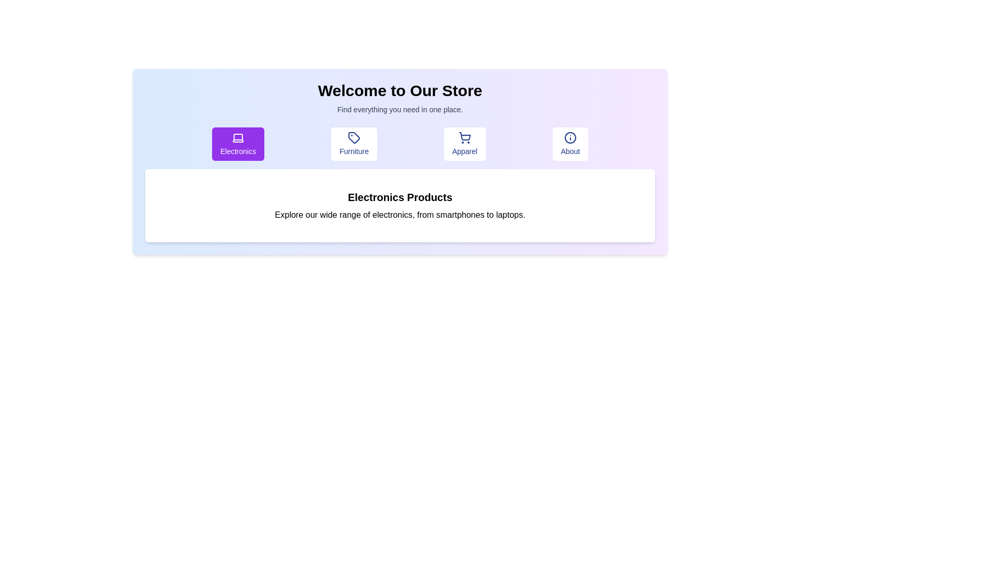 Image resolution: width=1003 pixels, height=564 pixels. I want to click on the navigational button for the furniture section located under 'Welcome to Our Store', positioned between 'Electronics' and 'Apparel', so click(354, 144).